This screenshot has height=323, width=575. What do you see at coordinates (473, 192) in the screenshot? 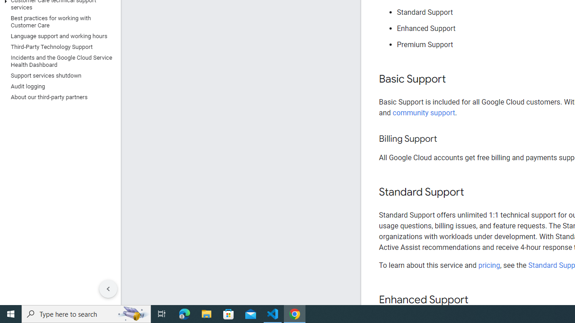
I see `'Copy link to this section: Standard Support'` at bounding box center [473, 192].